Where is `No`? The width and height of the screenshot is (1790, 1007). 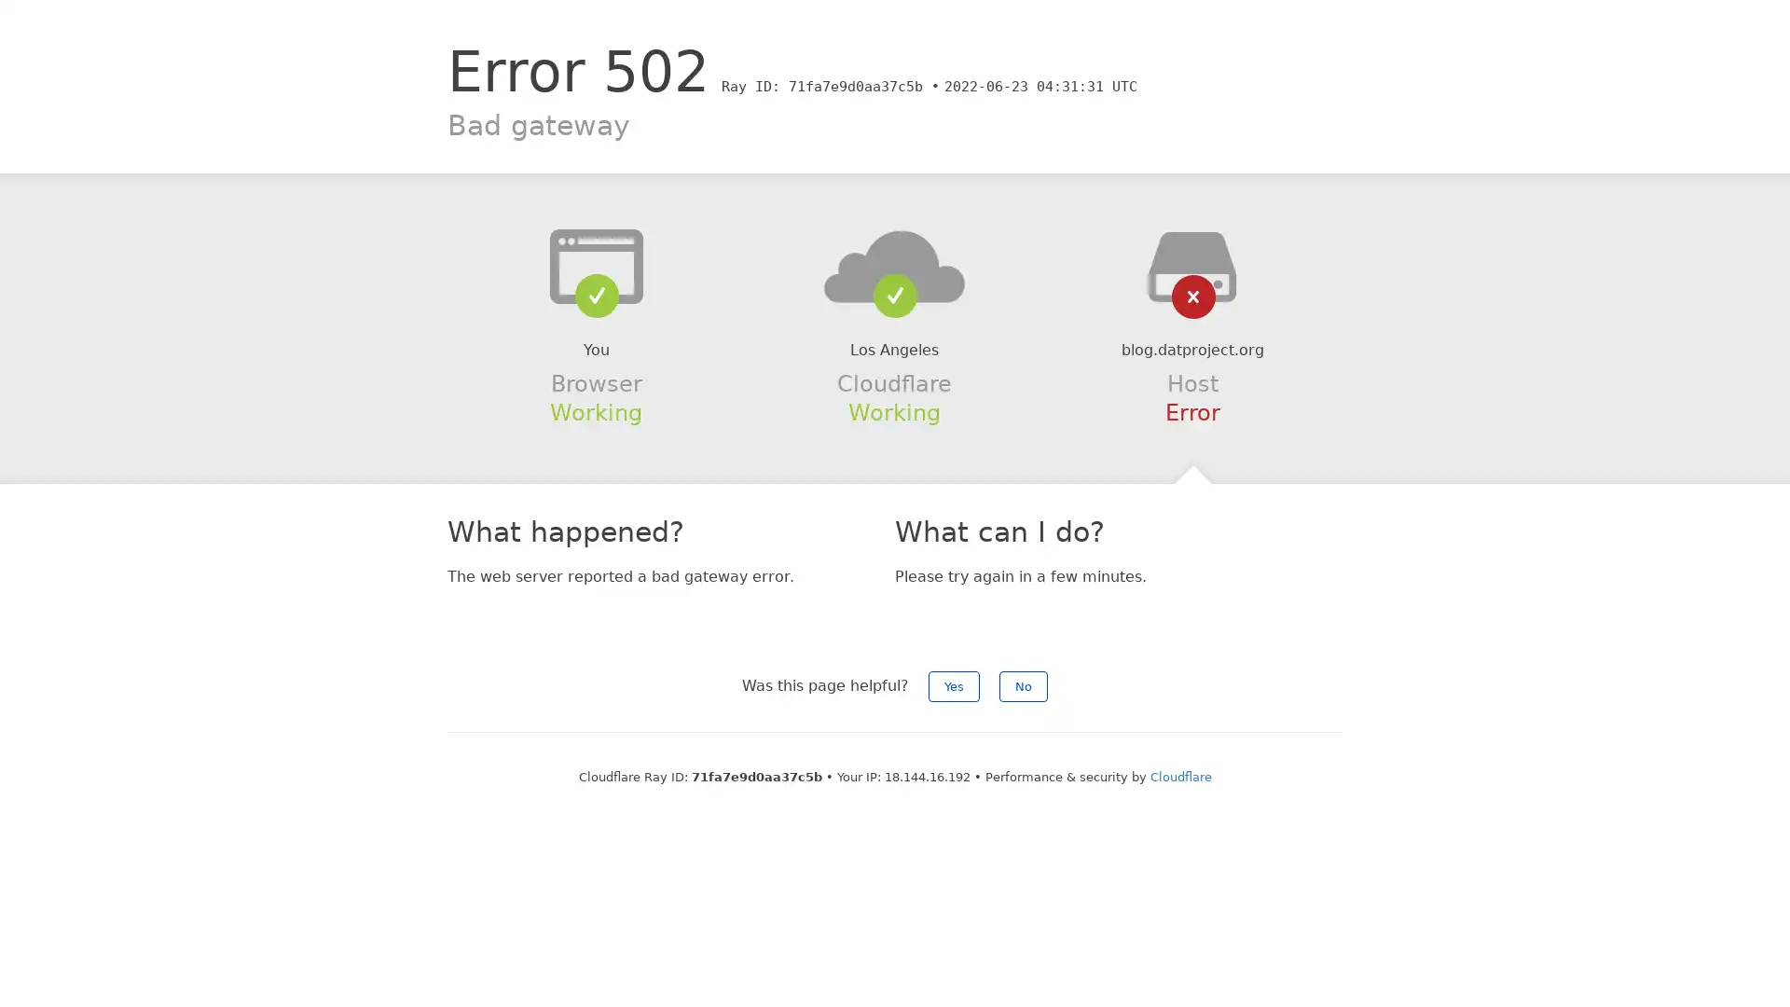 No is located at coordinates (1023, 686).